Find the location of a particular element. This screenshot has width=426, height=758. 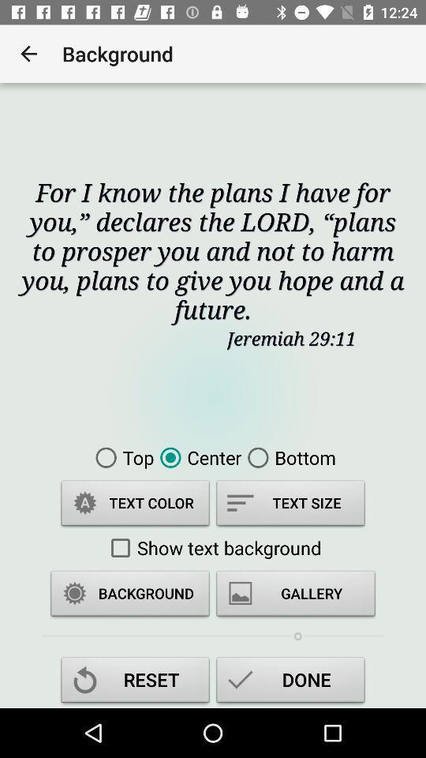

app to the left of the background item is located at coordinates (28, 54).